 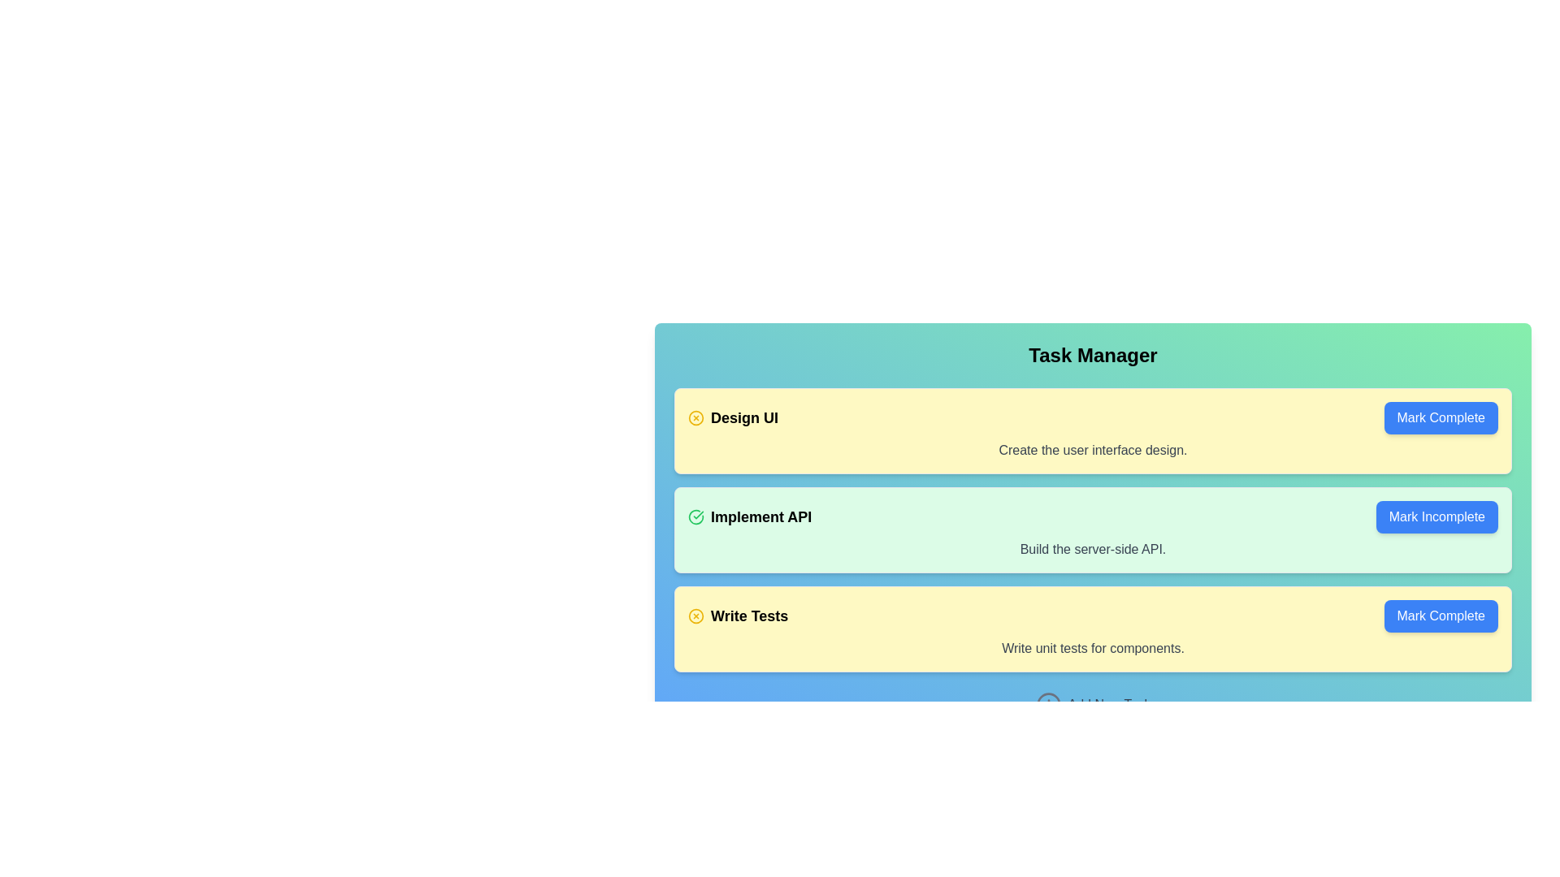 I want to click on the innermost circle graphic element within the SVG, located below the 'Write Tests' section in the task list, so click(x=1048, y=703).